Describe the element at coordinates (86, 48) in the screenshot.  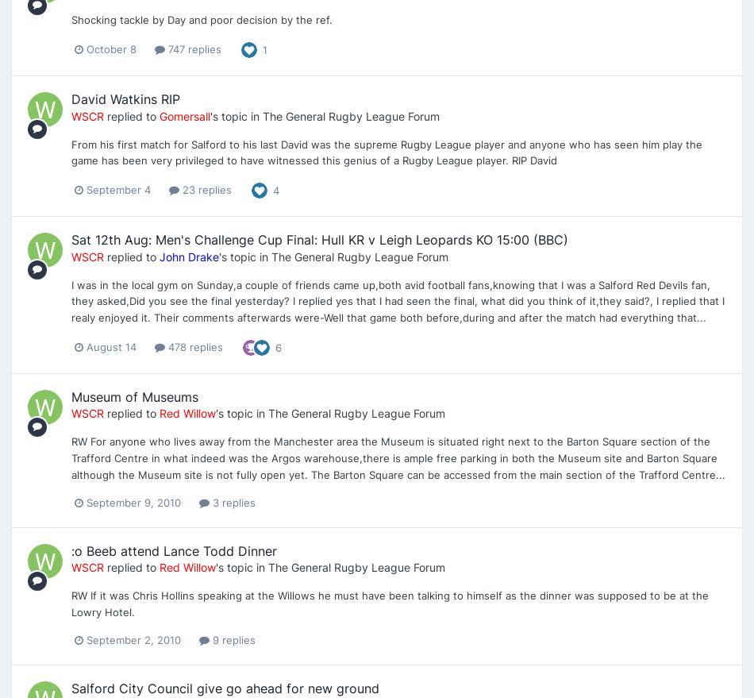
I see `'October 8'` at that location.